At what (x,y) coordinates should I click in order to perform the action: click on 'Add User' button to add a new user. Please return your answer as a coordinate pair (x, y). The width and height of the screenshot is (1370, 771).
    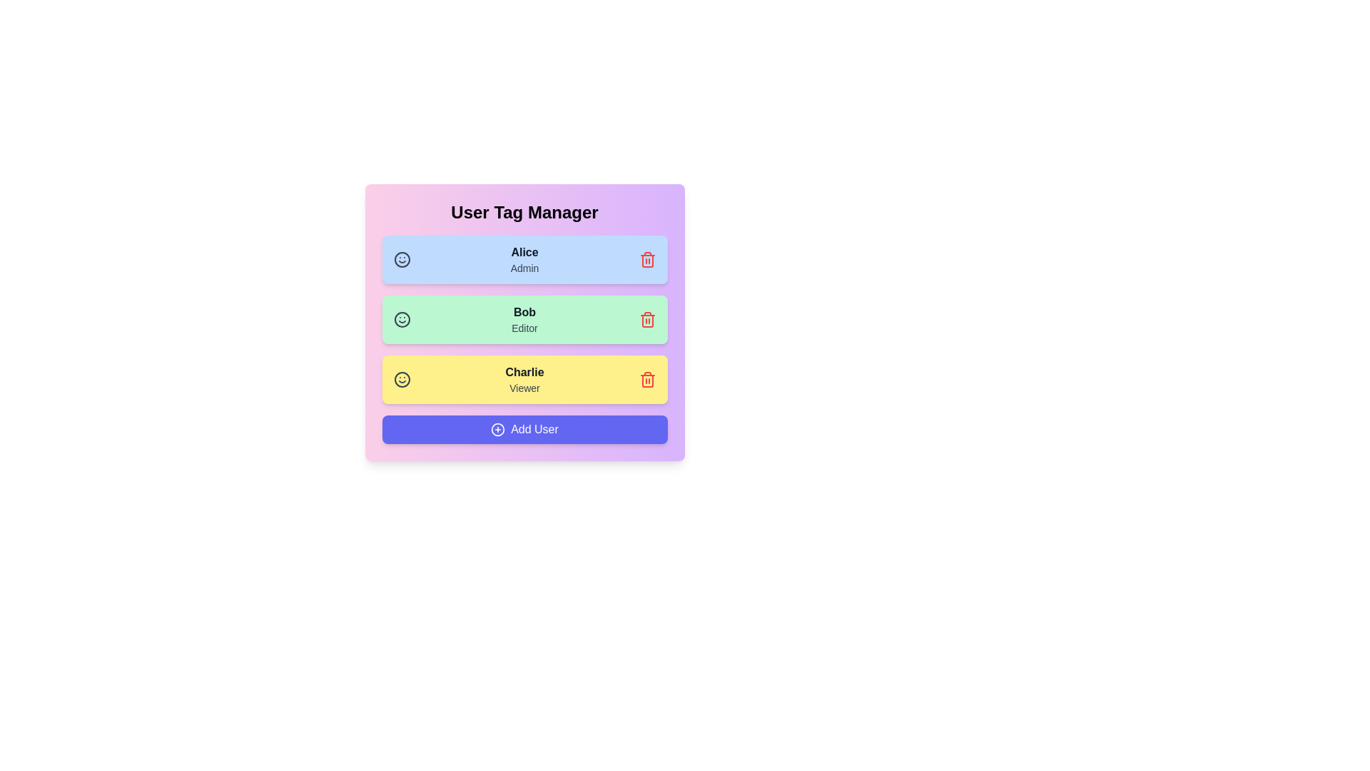
    Looking at the image, I should click on (524, 428).